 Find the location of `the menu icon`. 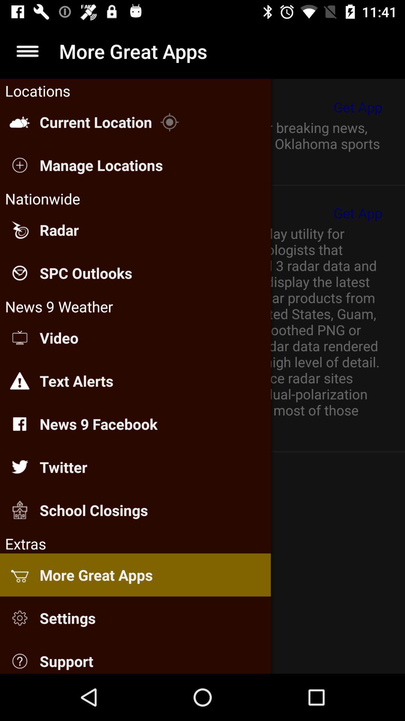

the menu icon is located at coordinates (27, 51).